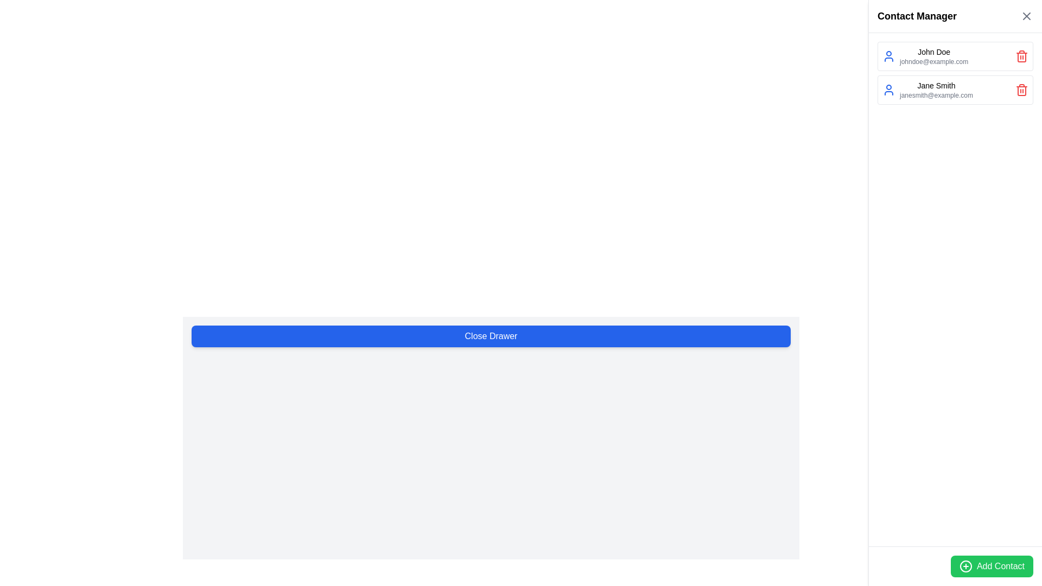  What do you see at coordinates (933, 56) in the screenshot?
I see `to select or highlight the contact entry for 'John Doe' in the 'Contact Manager' sidebar` at bounding box center [933, 56].